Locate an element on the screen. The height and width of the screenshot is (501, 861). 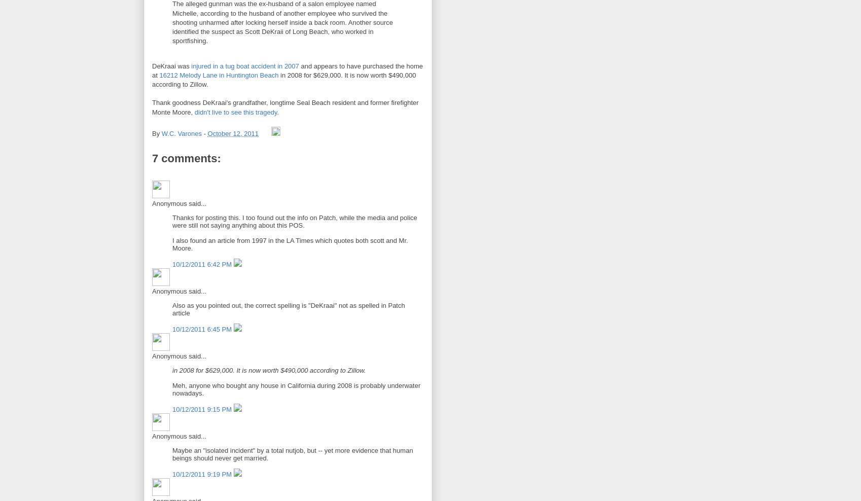
'W.C. Varones' is located at coordinates (181, 133).